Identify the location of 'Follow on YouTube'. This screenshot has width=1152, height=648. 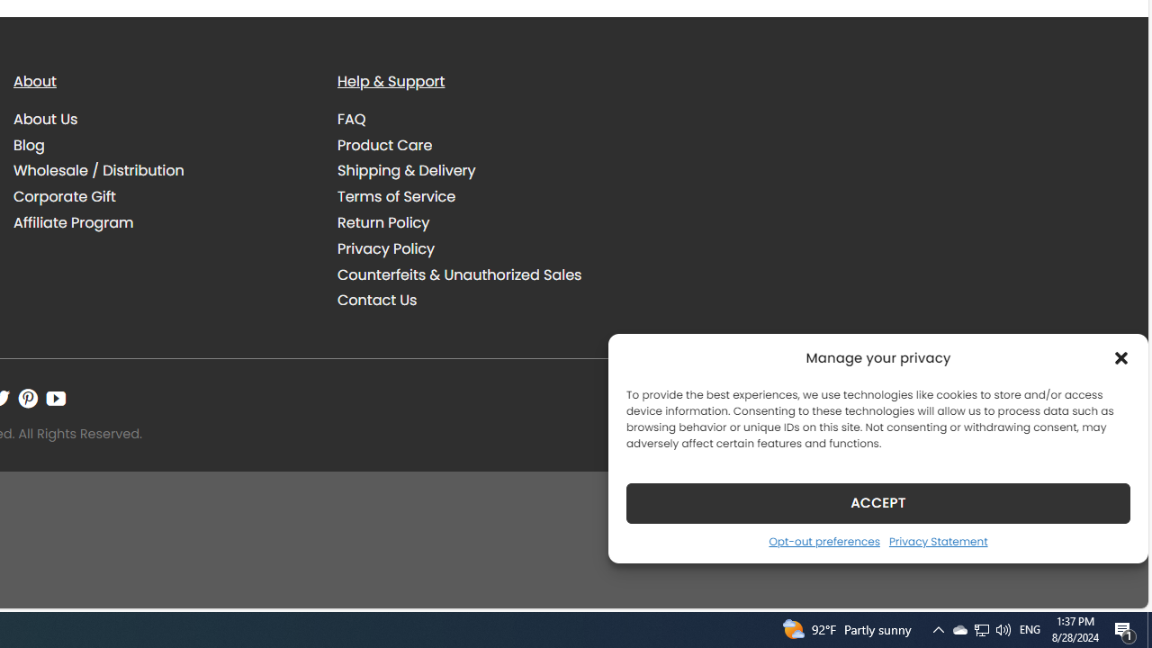
(56, 397).